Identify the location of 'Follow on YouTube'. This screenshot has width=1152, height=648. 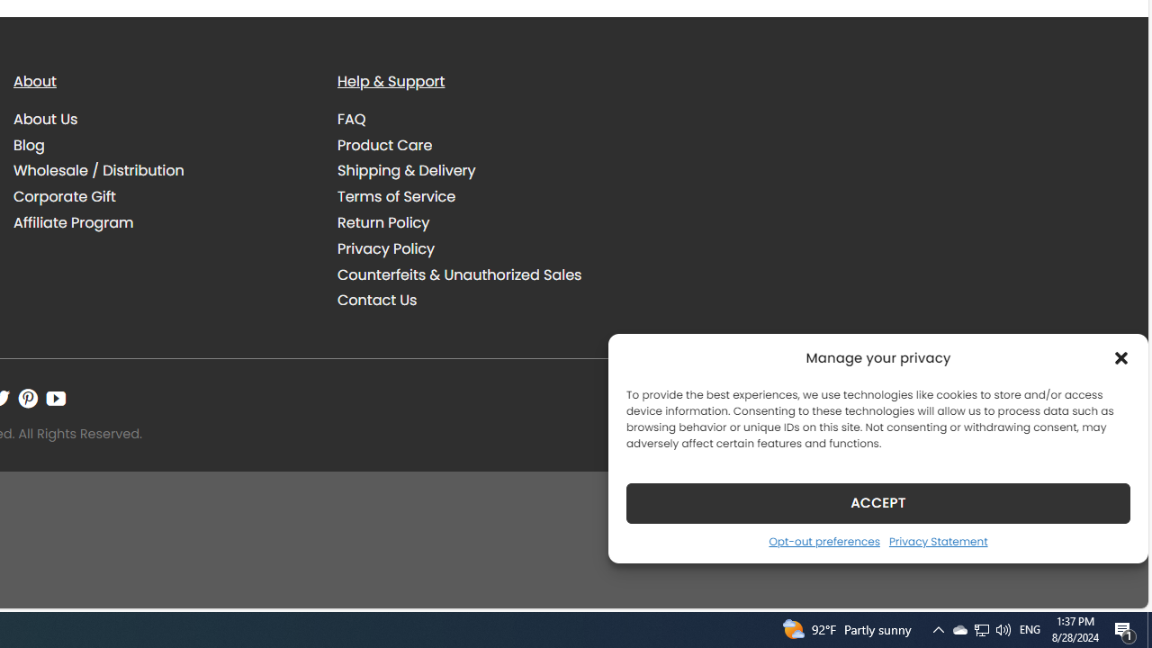
(56, 397).